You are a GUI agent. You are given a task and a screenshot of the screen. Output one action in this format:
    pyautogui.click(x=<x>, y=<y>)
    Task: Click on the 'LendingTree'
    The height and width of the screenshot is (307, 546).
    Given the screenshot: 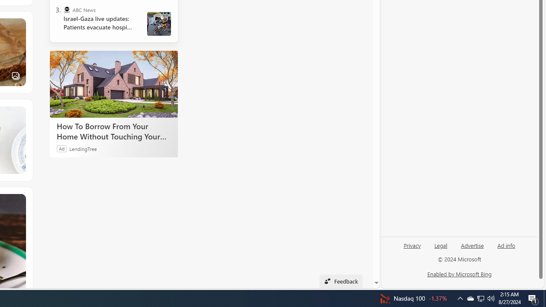 What is the action you would take?
    pyautogui.click(x=83, y=148)
    